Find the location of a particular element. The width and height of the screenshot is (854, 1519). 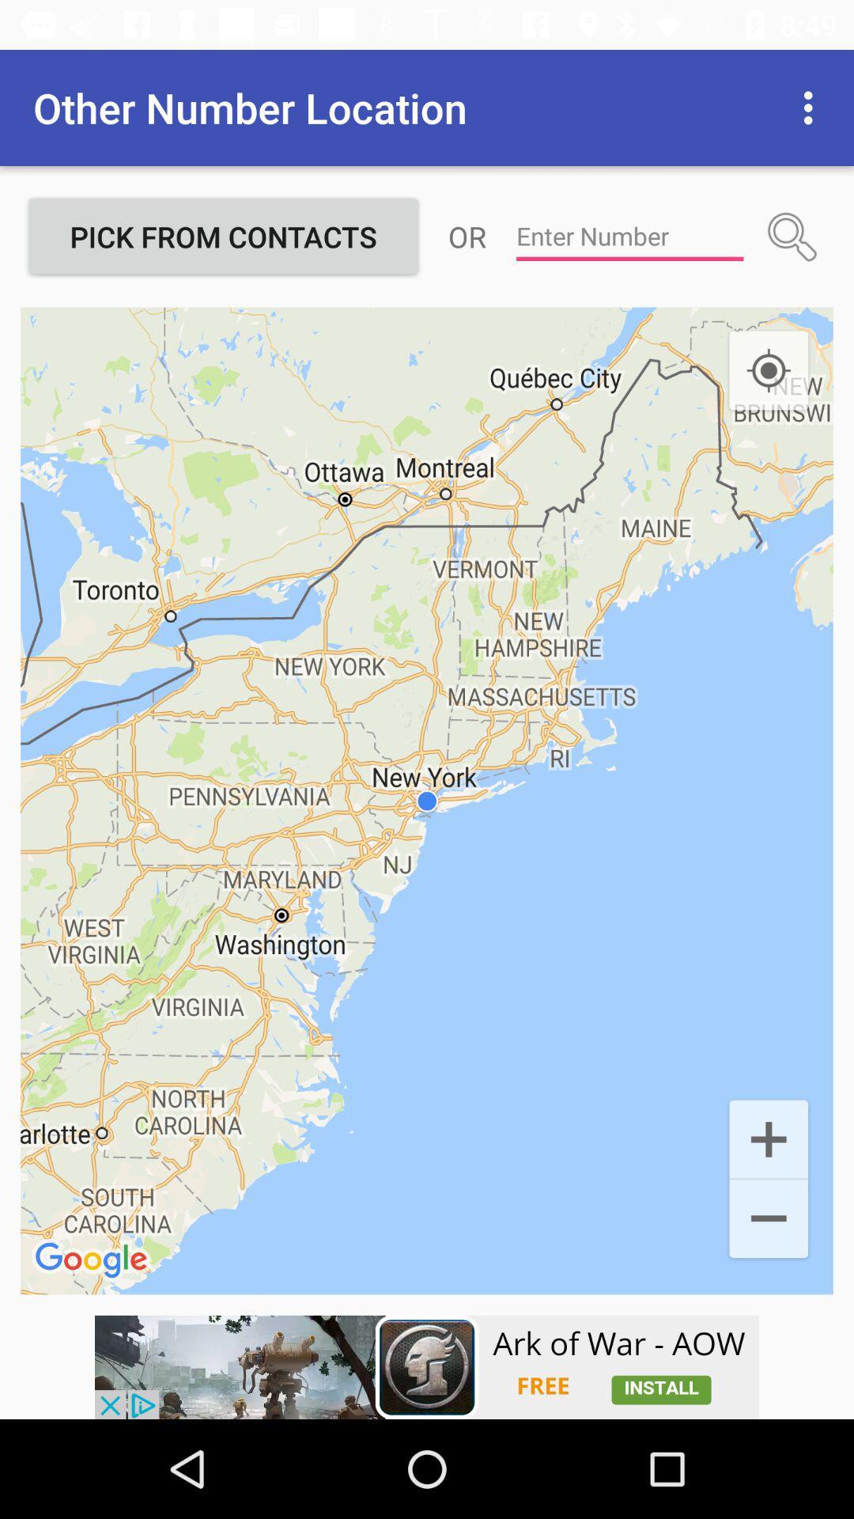

advertisement is located at coordinates (427, 1366).